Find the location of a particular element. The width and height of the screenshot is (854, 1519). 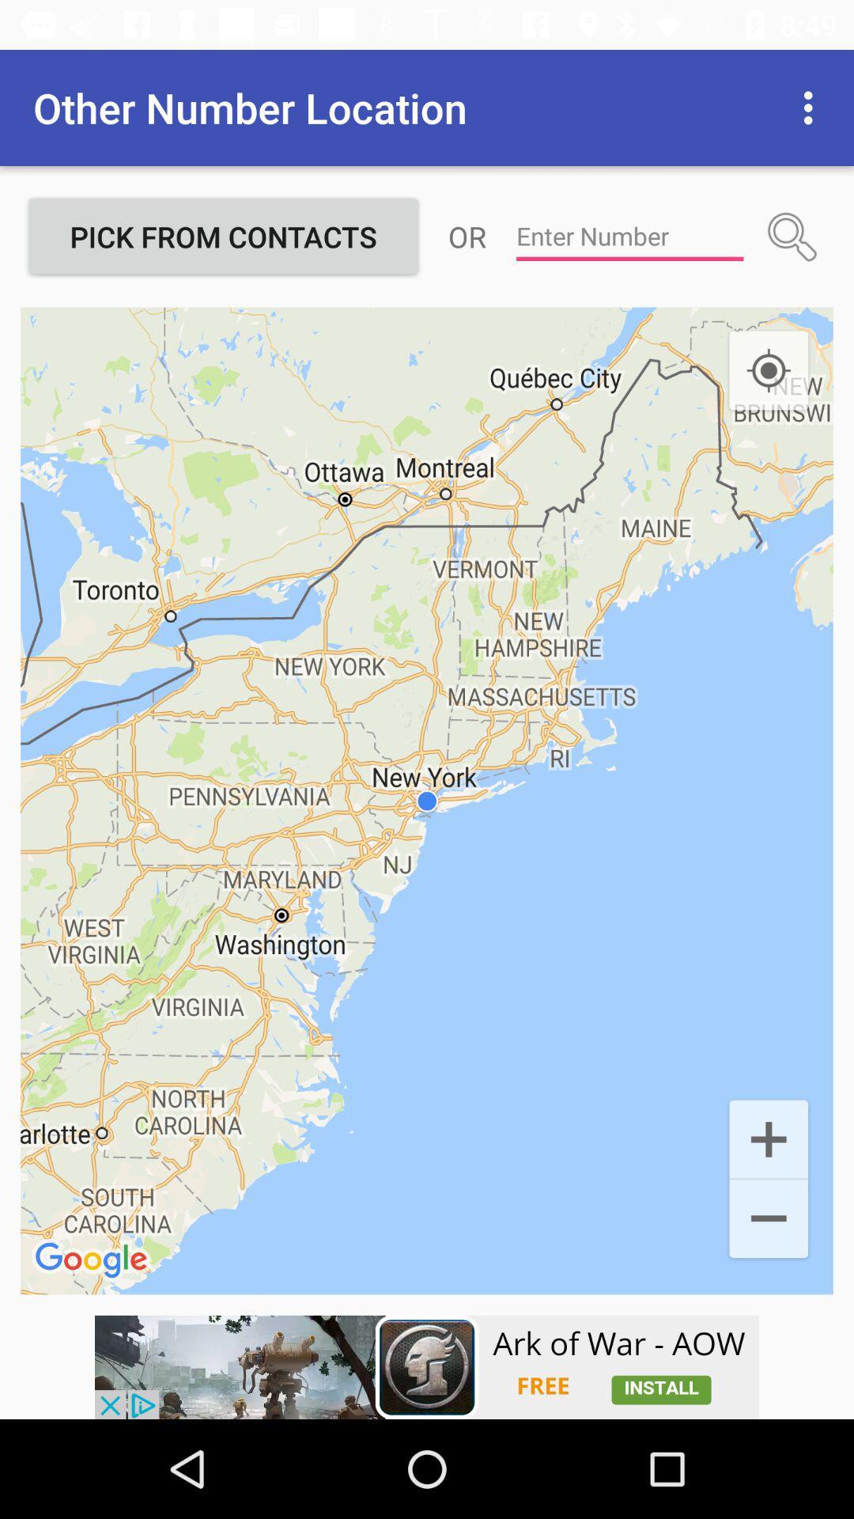

advertisement is located at coordinates (427, 1366).